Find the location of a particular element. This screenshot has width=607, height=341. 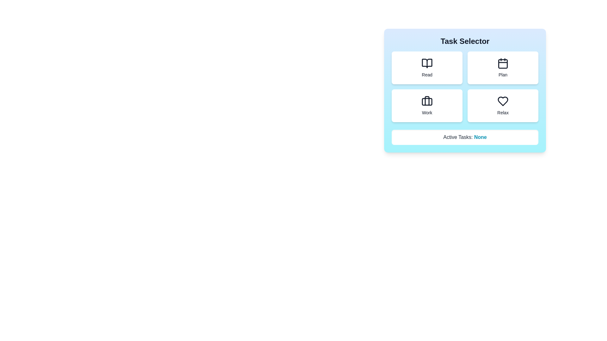

the task button labeled Work to activate it is located at coordinates (427, 105).